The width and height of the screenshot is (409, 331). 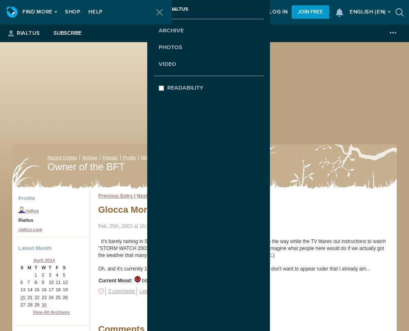 I want to click on 'English', so click(x=362, y=12).